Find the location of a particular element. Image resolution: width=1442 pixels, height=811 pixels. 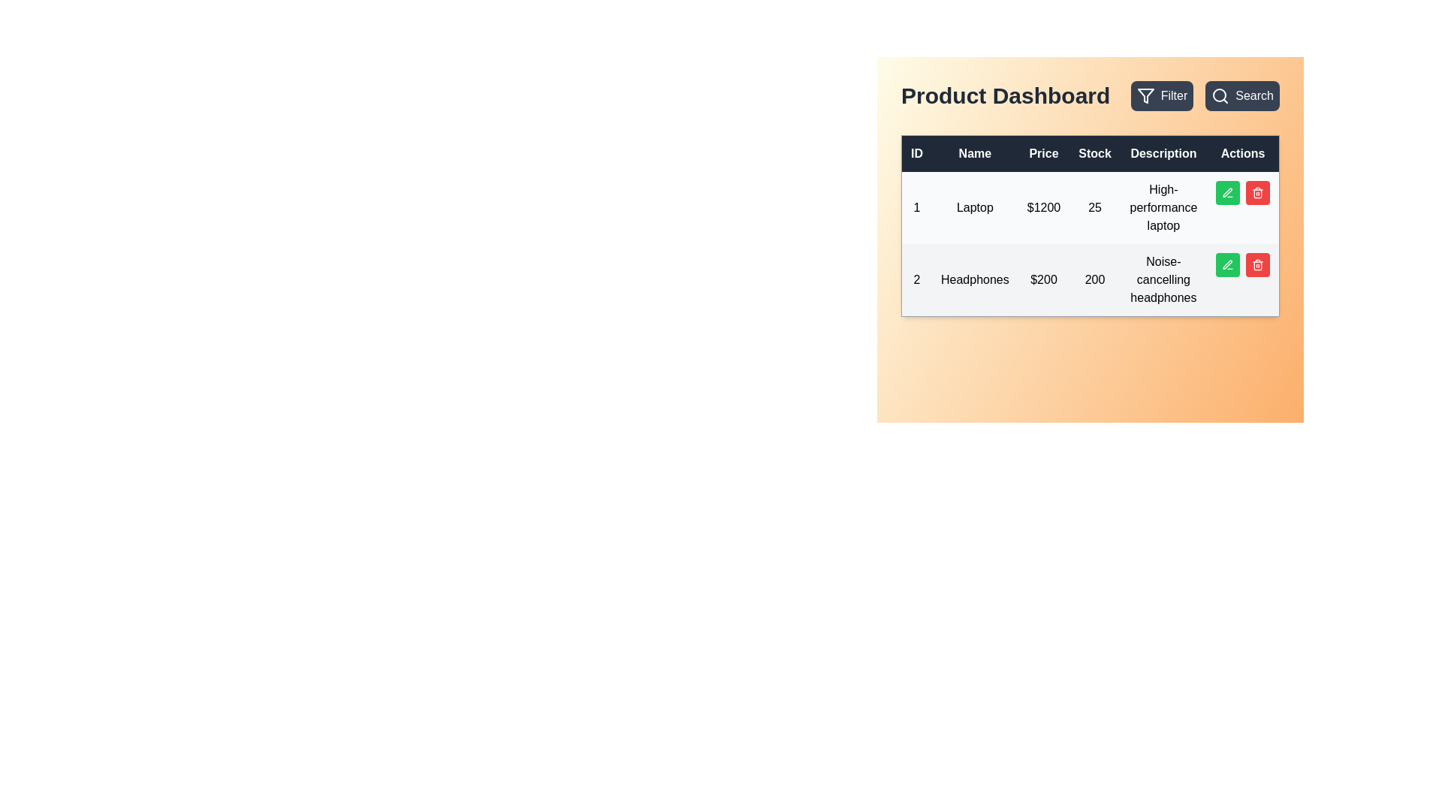

the green button with a pen icon in the 'Actions' column of the second row for 'Headphones' in the product table is located at coordinates (1227, 264).